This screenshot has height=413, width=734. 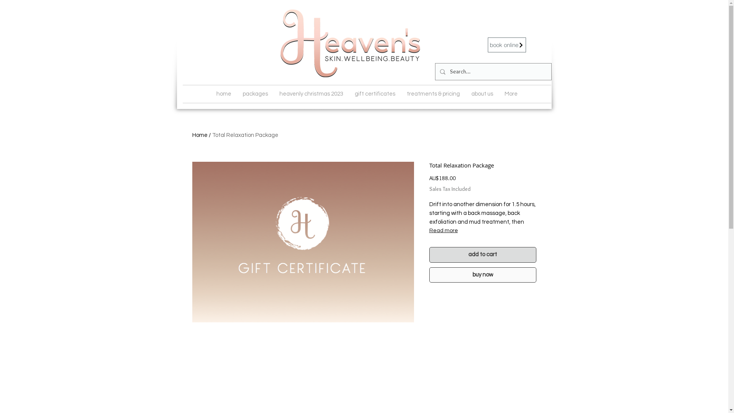 What do you see at coordinates (482, 94) in the screenshot?
I see `'about us'` at bounding box center [482, 94].